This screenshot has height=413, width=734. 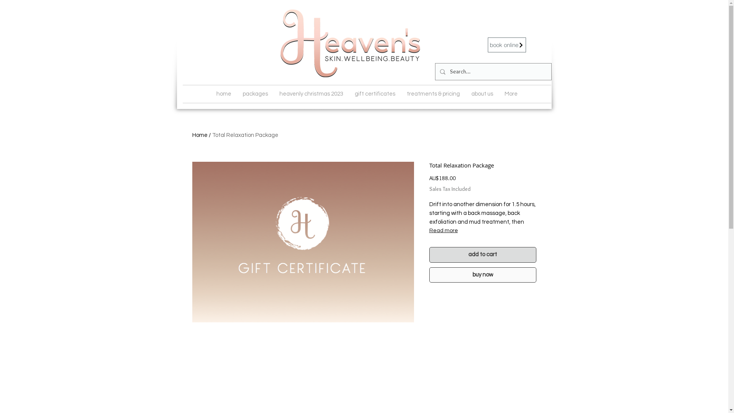 What do you see at coordinates (482, 94) in the screenshot?
I see `'about us'` at bounding box center [482, 94].